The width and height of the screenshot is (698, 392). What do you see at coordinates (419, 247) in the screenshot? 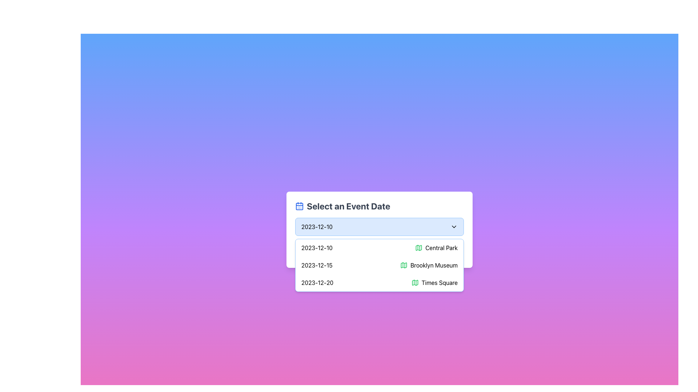
I see `the decorative map icon located at the start of the 'Central Park' row in the event list by moving the cursor to its center` at bounding box center [419, 247].